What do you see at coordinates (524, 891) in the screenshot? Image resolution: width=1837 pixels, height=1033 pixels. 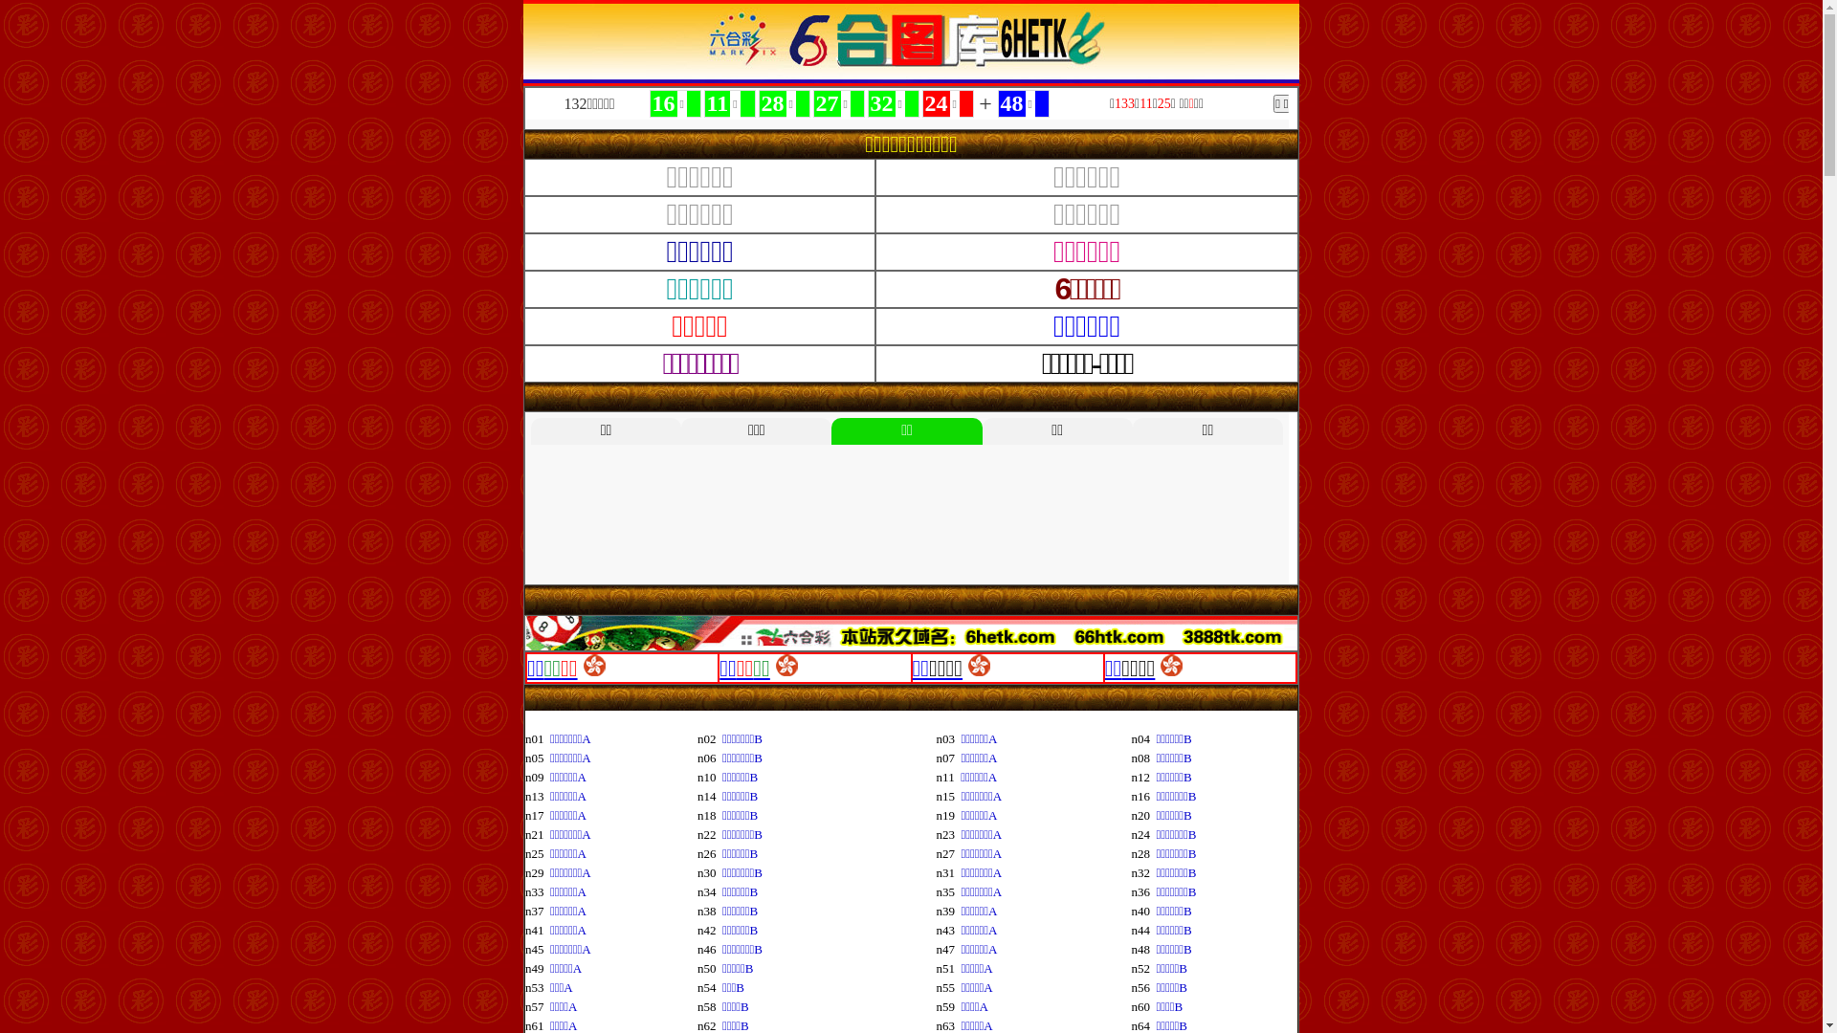 I see `'n33 '` at bounding box center [524, 891].